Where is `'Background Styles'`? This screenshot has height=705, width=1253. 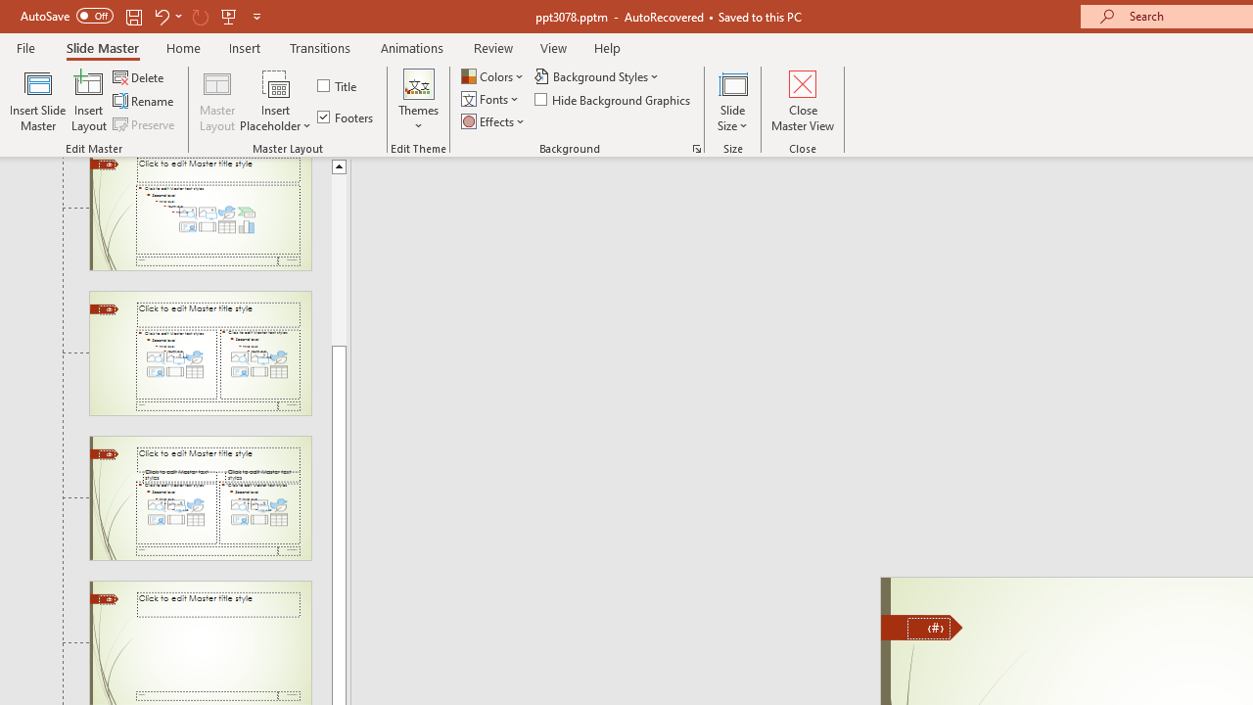
'Background Styles' is located at coordinates (597, 75).